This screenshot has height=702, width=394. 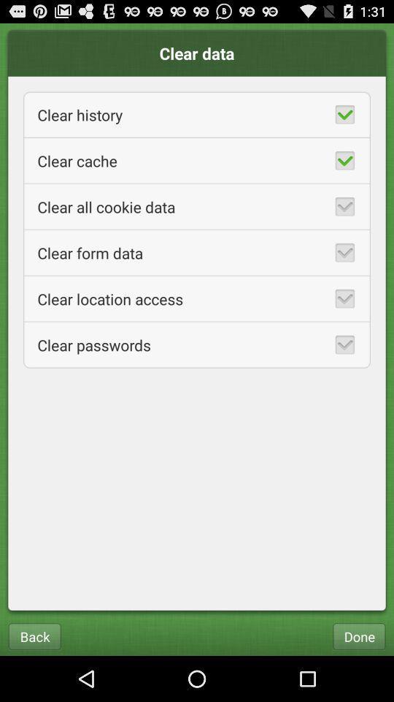 I want to click on the item above clear form data item, so click(x=197, y=205).